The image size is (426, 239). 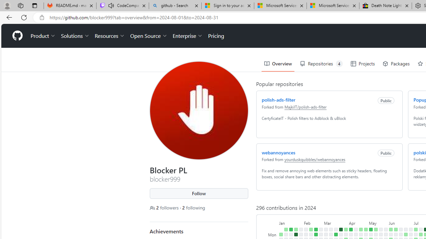 What do you see at coordinates (330, 229) in the screenshot?
I see `'No contributions on March 10th.'` at bounding box center [330, 229].